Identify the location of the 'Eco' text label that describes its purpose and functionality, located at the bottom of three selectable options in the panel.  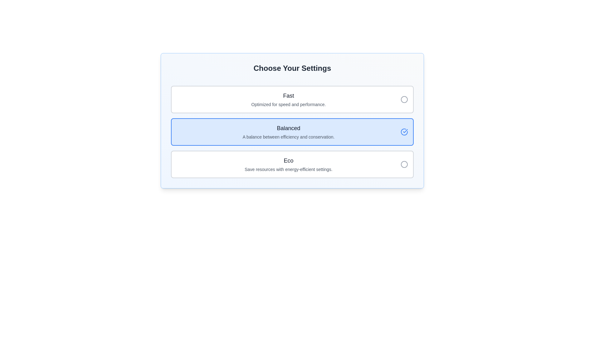
(288, 169).